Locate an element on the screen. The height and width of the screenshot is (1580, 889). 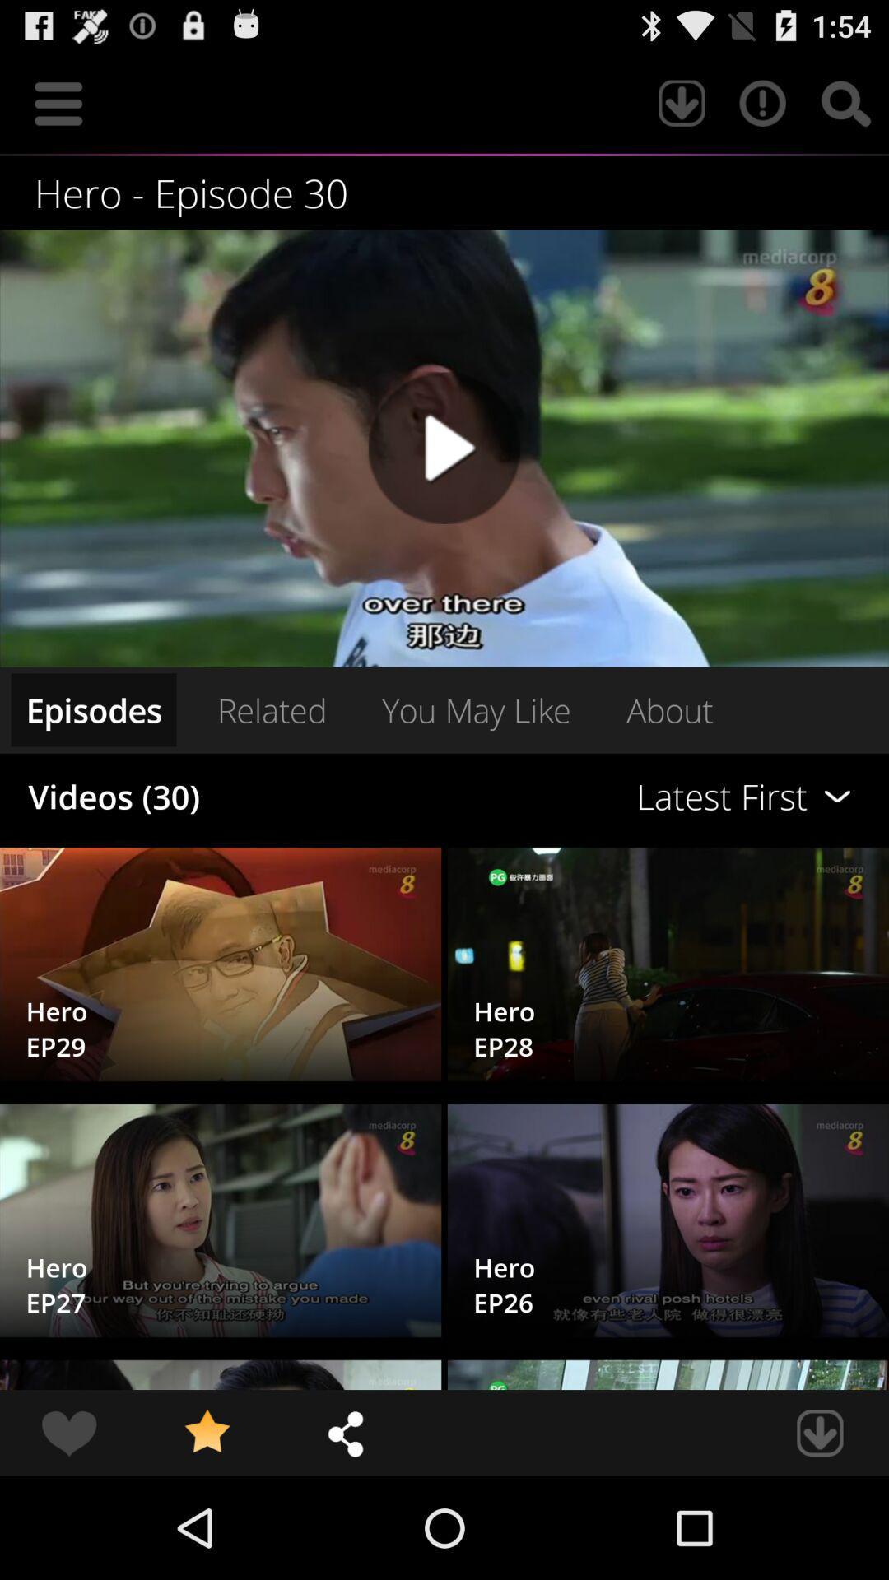
the icon below the hero - episode 30 icon is located at coordinates (444, 448).